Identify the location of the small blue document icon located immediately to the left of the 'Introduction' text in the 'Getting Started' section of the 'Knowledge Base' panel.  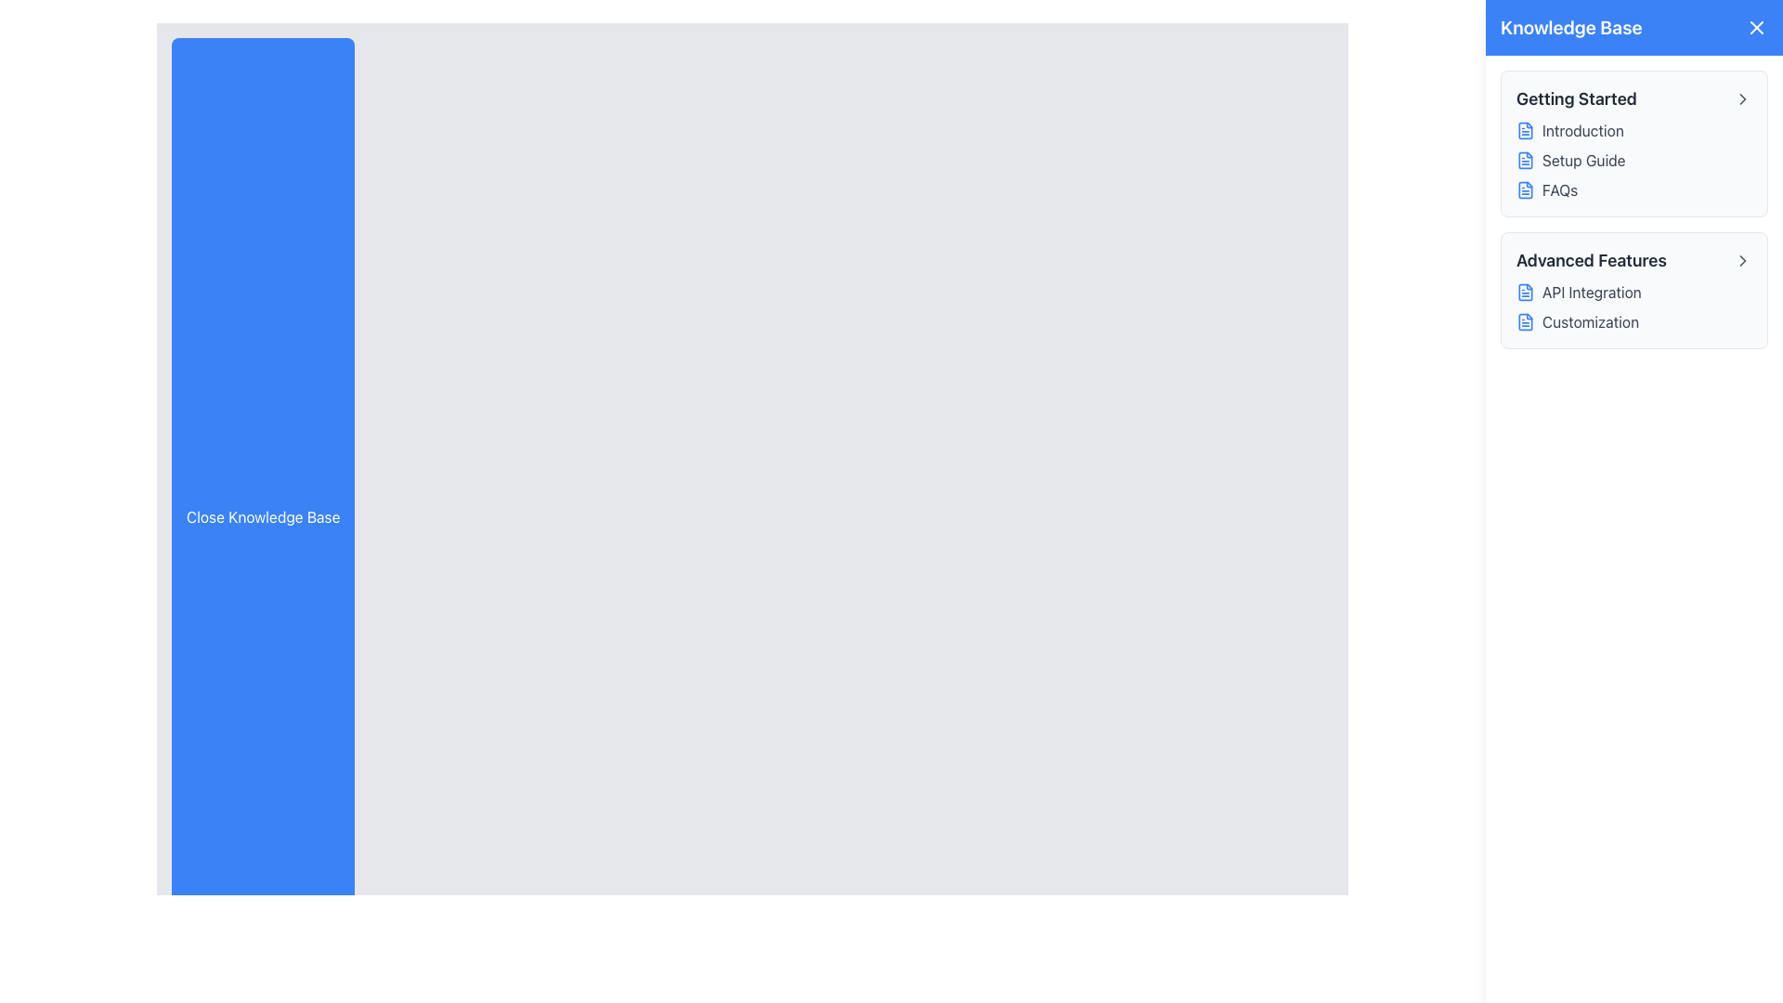
(1525, 130).